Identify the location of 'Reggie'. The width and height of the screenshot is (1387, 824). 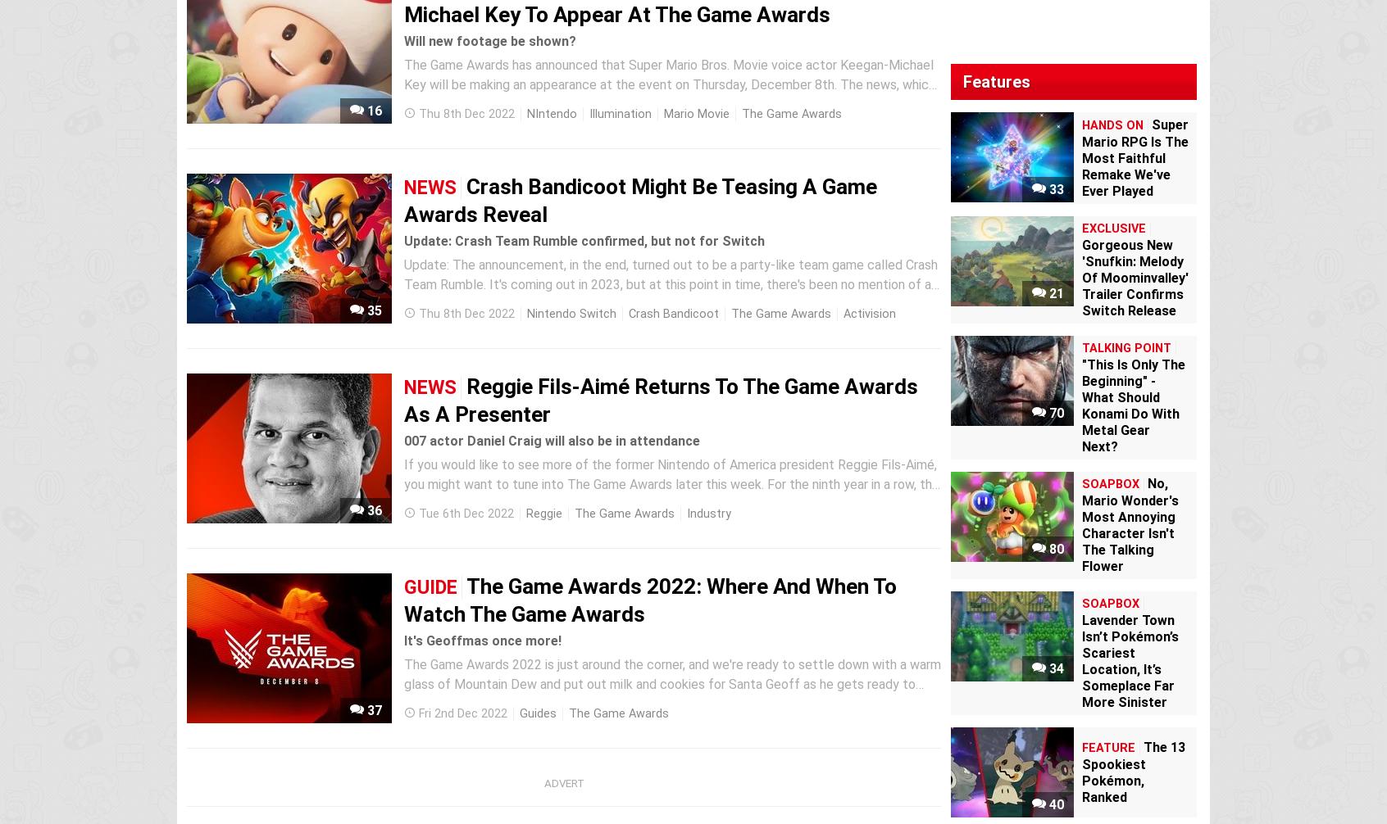
(543, 514).